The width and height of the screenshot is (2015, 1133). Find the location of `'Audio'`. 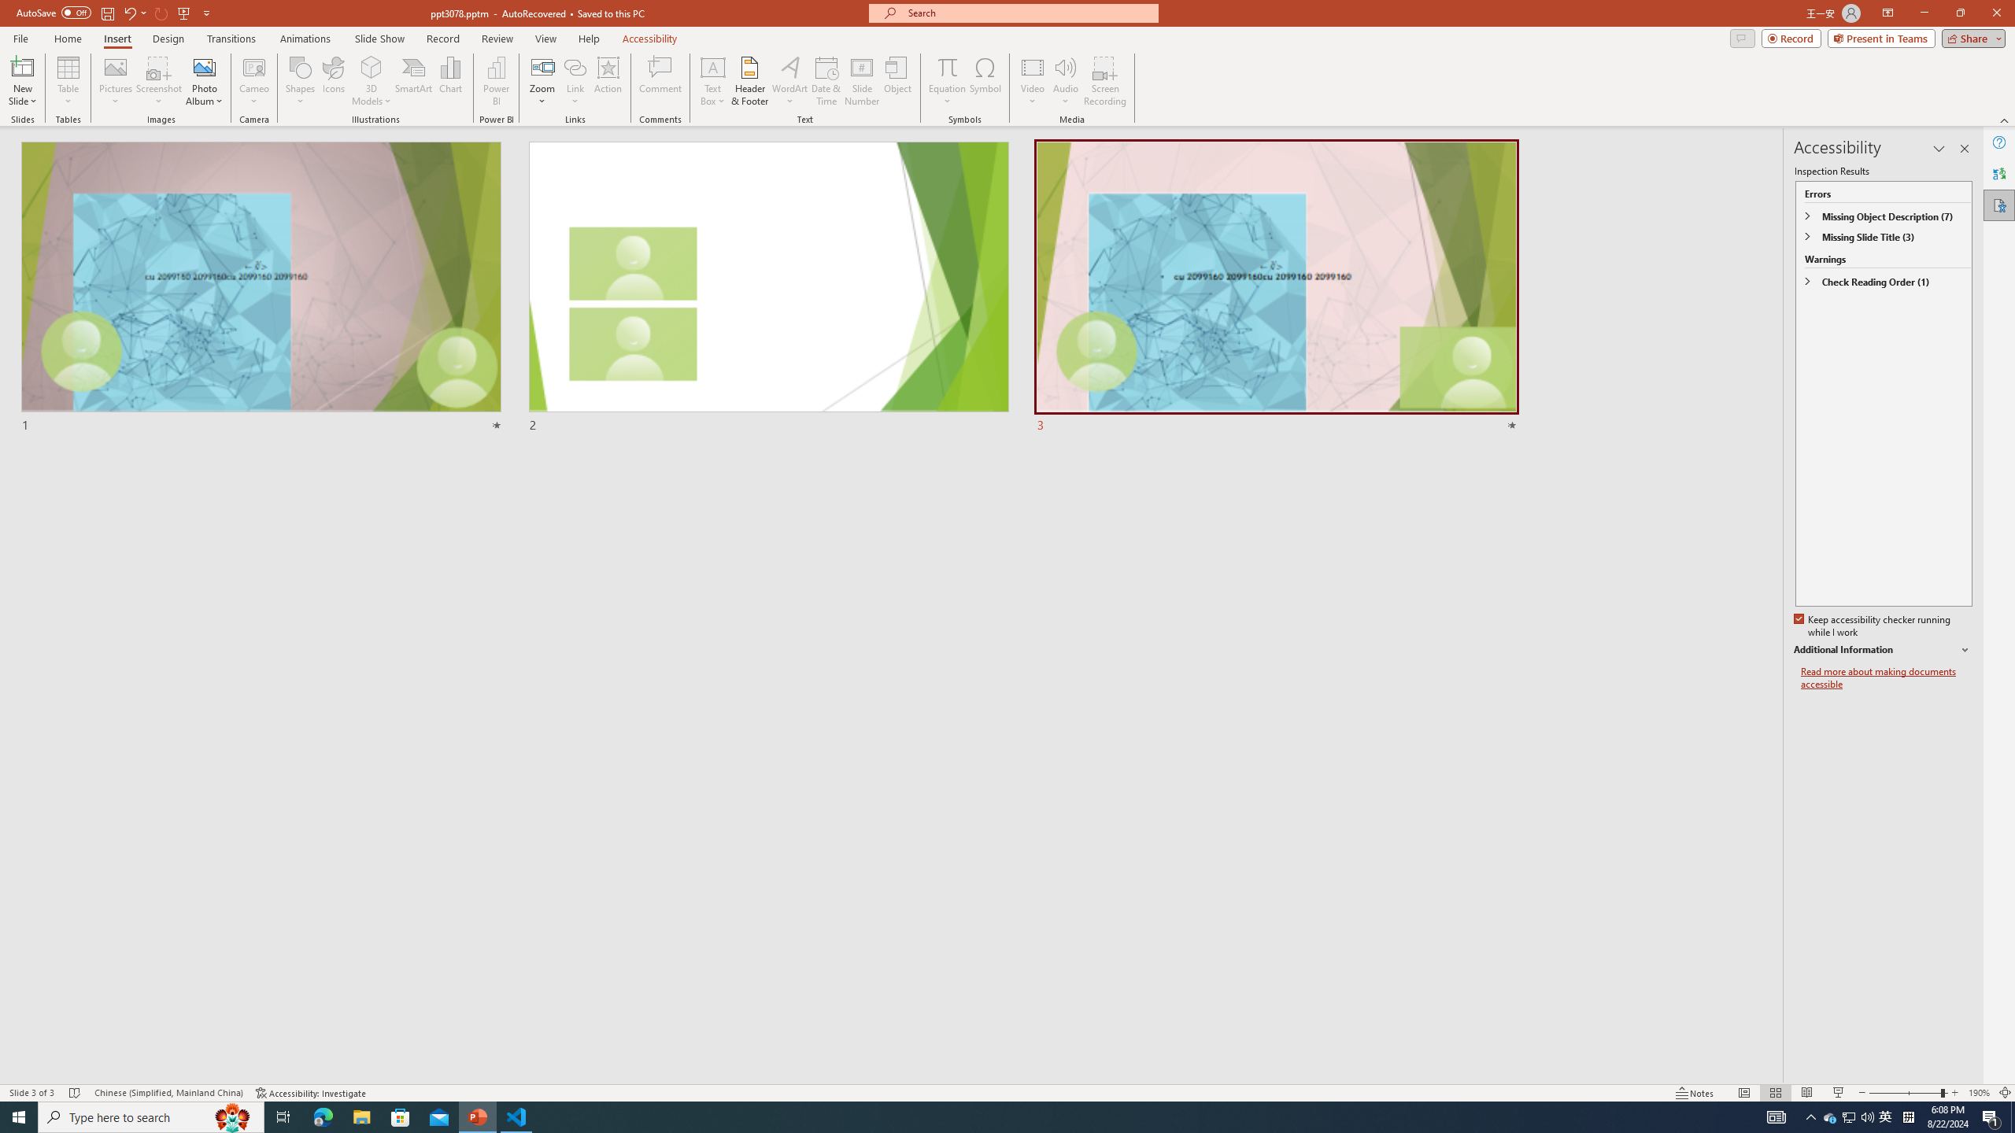

'Audio' is located at coordinates (1065, 81).